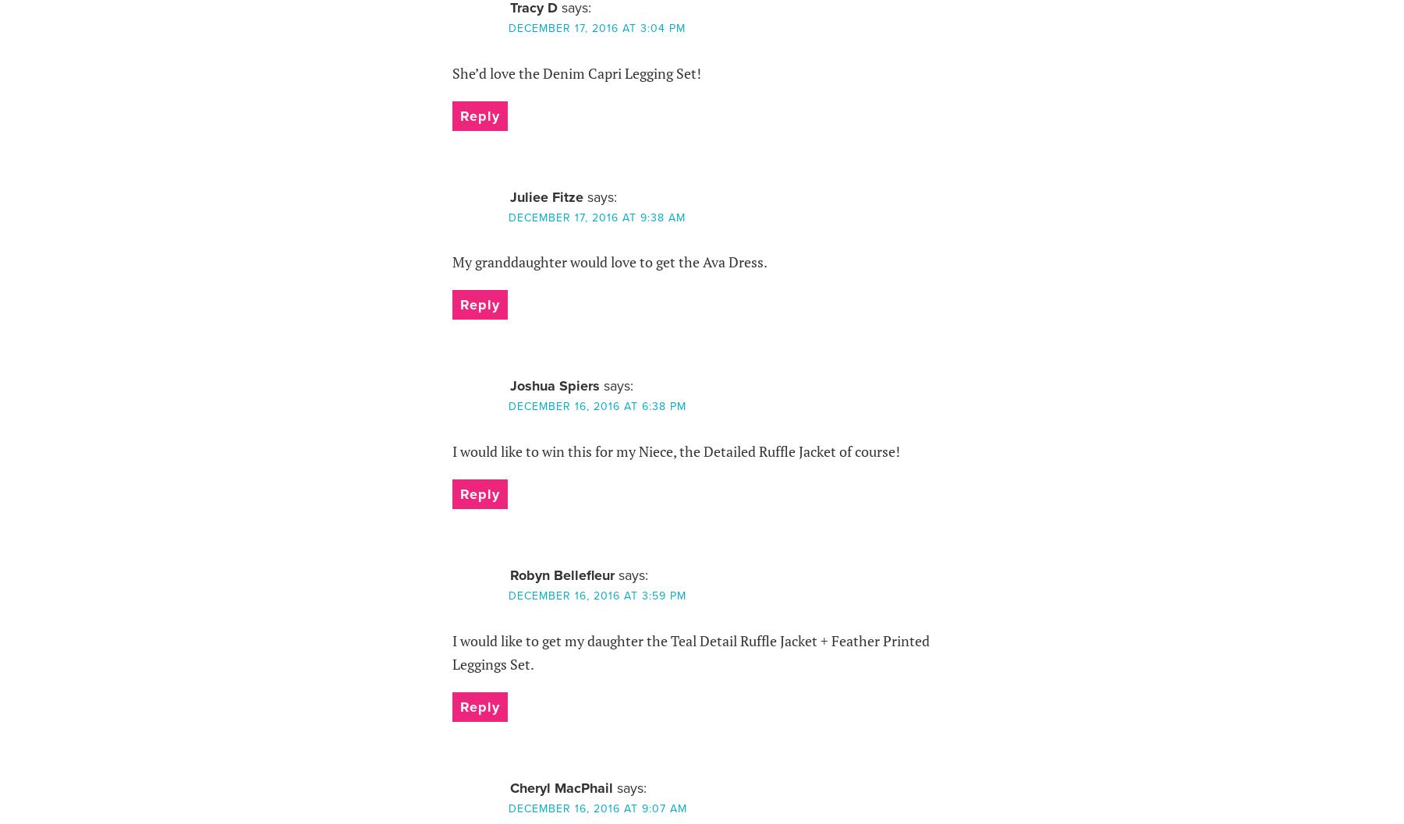 The height and width of the screenshot is (824, 1404). Describe the element at coordinates (559, 786) in the screenshot. I see `'Cheryl MacPhail'` at that location.